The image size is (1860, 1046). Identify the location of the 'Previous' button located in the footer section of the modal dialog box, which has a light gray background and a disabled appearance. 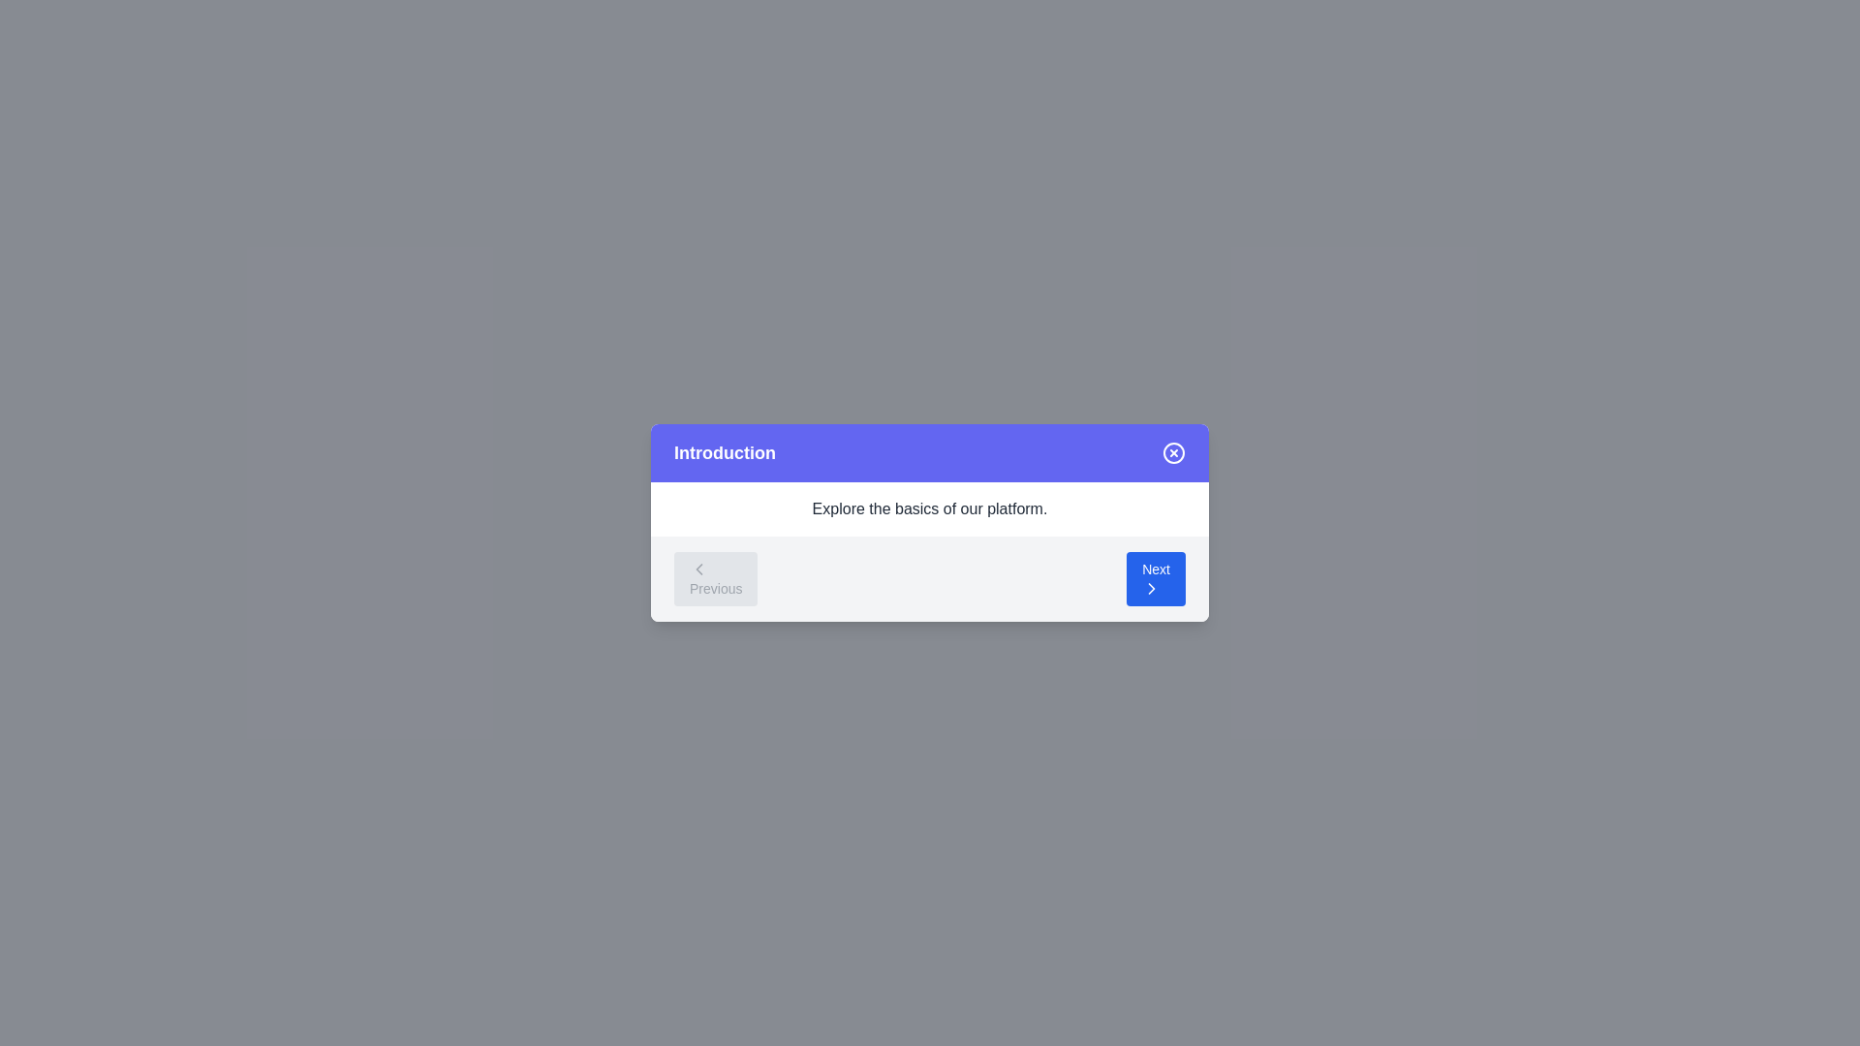
(715, 577).